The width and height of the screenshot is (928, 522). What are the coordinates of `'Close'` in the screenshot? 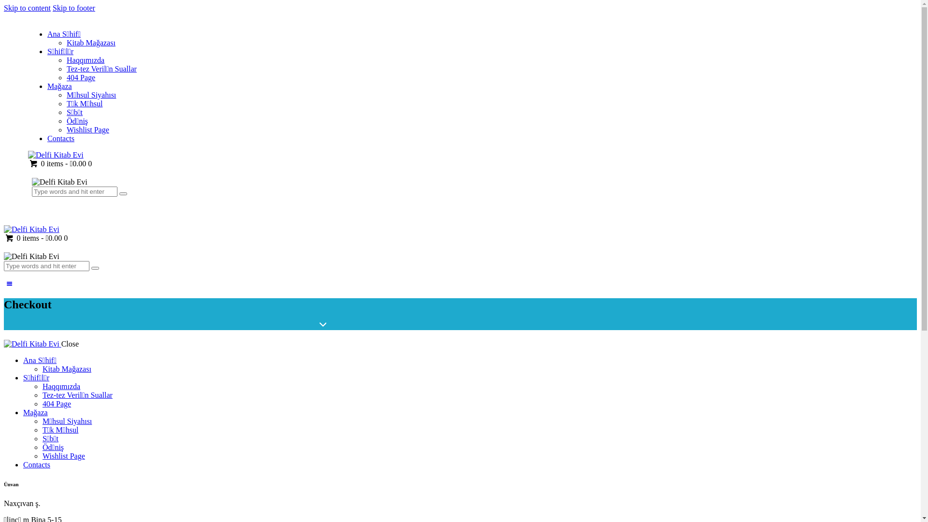 It's located at (60, 343).